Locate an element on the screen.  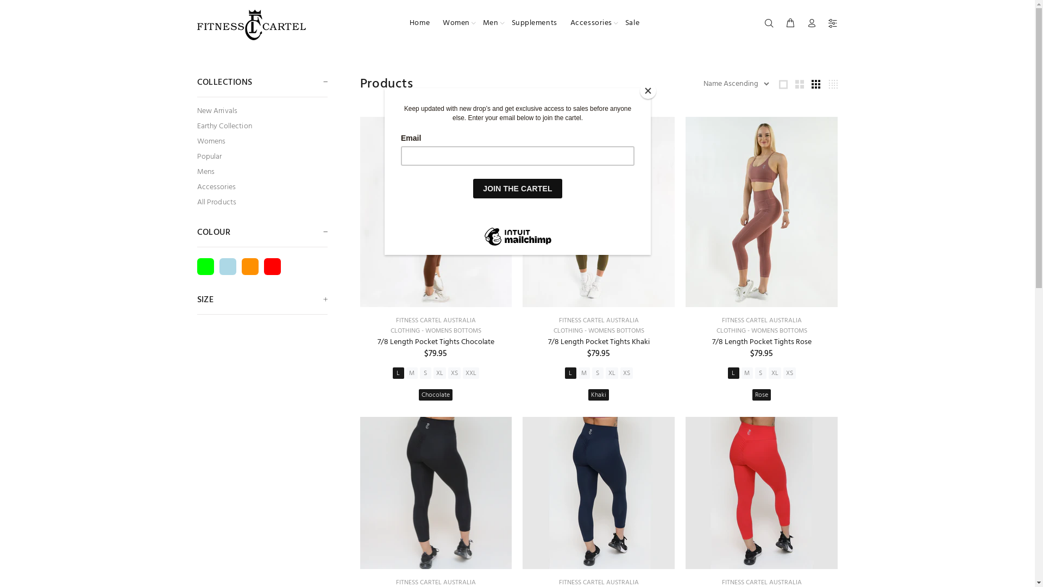
'Women' is located at coordinates (456, 23).